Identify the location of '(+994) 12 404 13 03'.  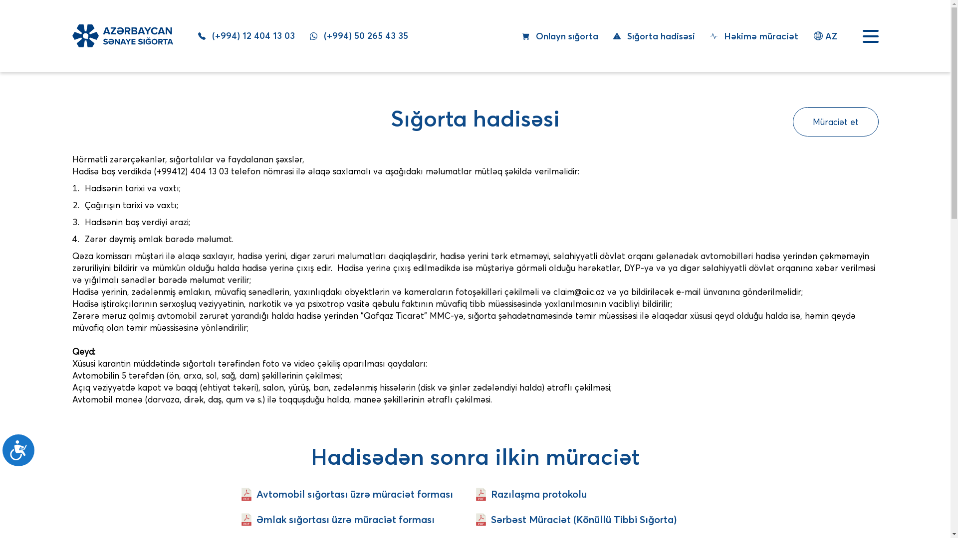
(246, 35).